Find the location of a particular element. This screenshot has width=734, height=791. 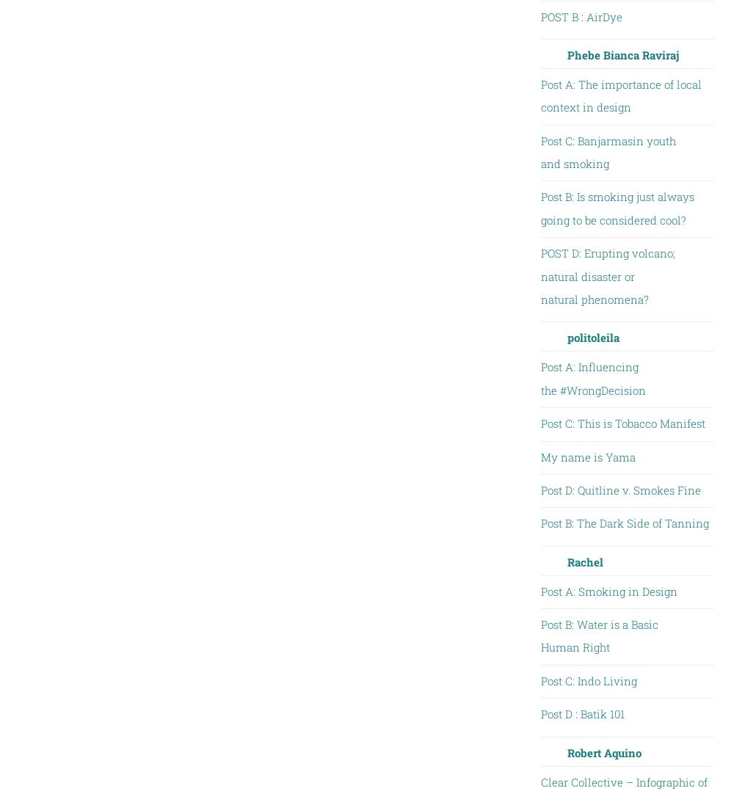

'politoleila' is located at coordinates (567, 337).